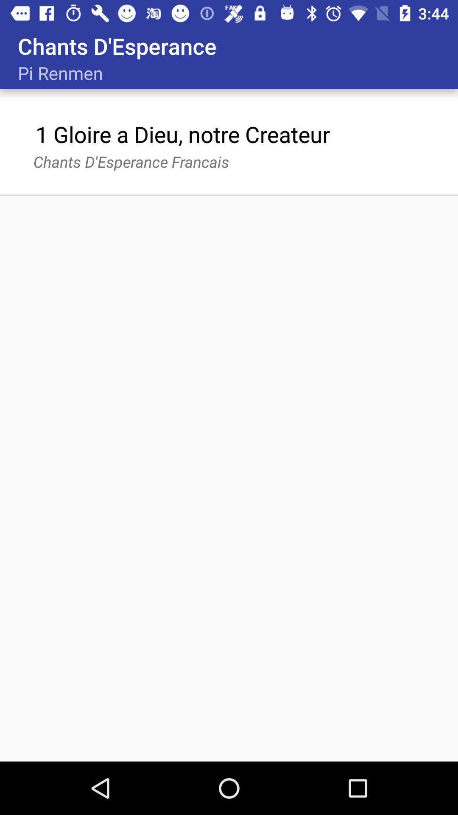 Image resolution: width=458 pixels, height=815 pixels. I want to click on the 1 gloire a item, so click(182, 134).